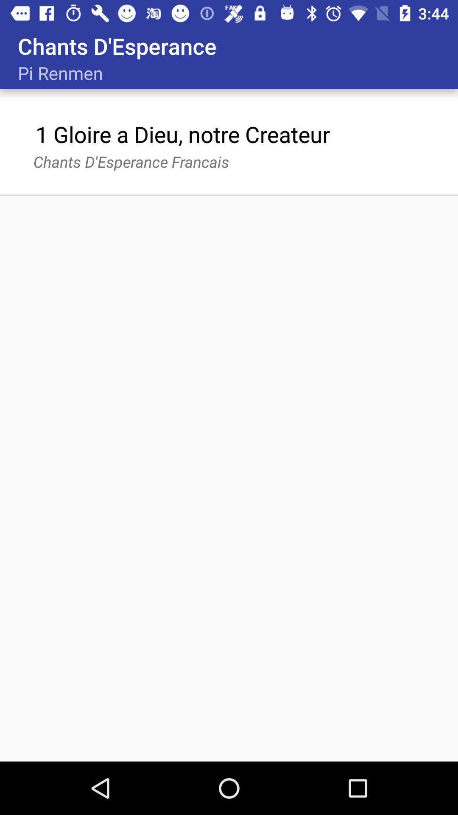 Image resolution: width=458 pixels, height=815 pixels. I want to click on the 1 gloire a item, so click(182, 134).